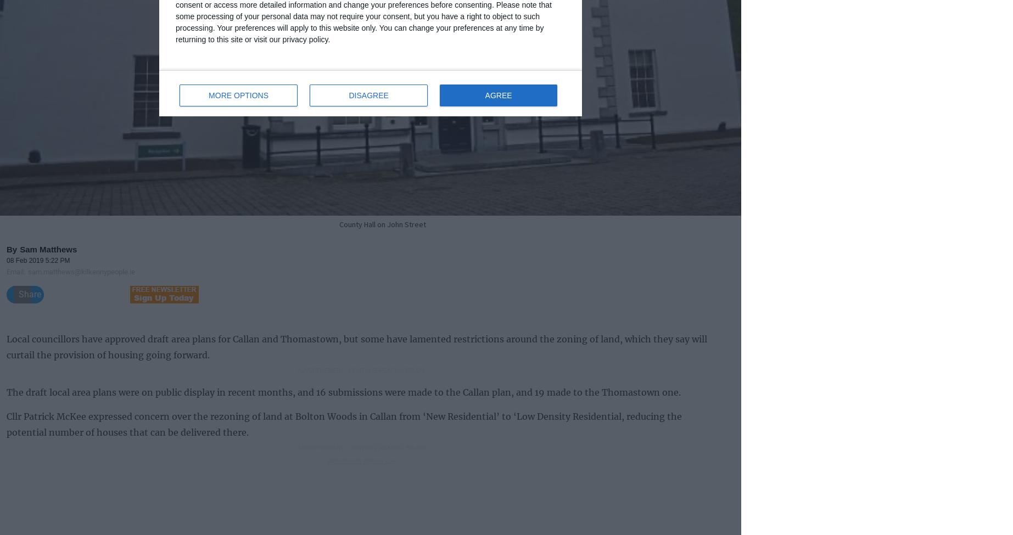  What do you see at coordinates (345, 461) in the screenshot?
I see `'Advertise with'` at bounding box center [345, 461].